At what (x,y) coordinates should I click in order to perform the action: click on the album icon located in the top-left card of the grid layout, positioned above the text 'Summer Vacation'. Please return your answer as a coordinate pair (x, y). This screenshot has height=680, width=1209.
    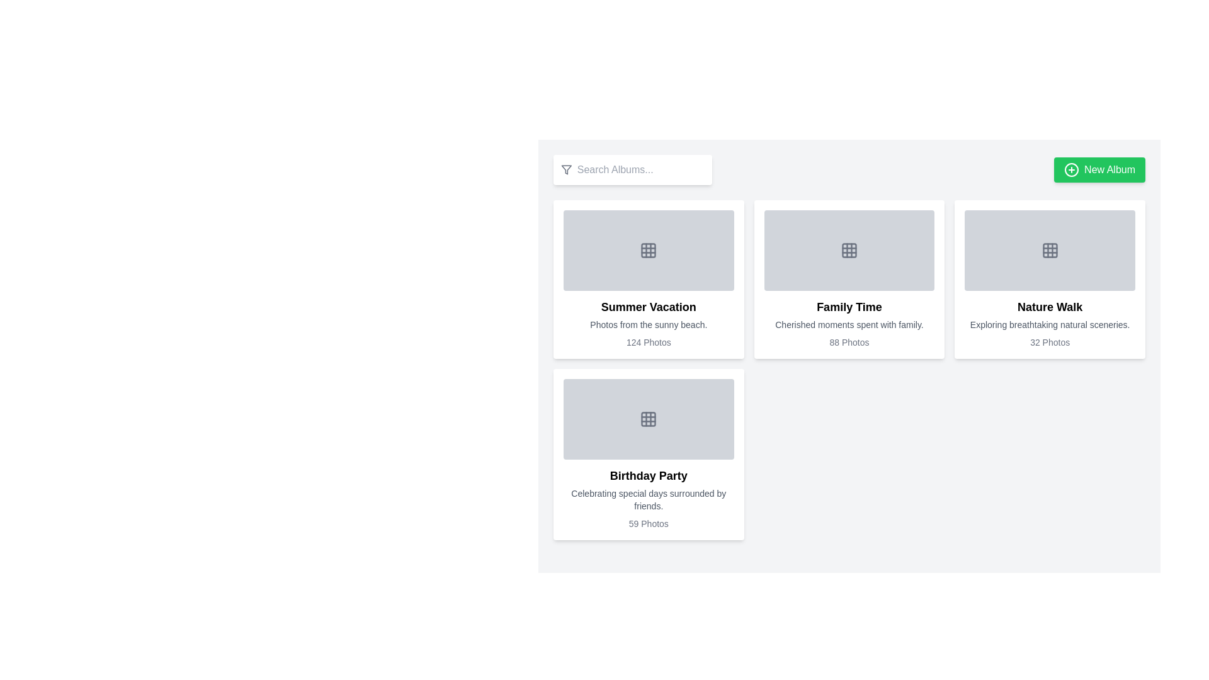
    Looking at the image, I should click on (649, 250).